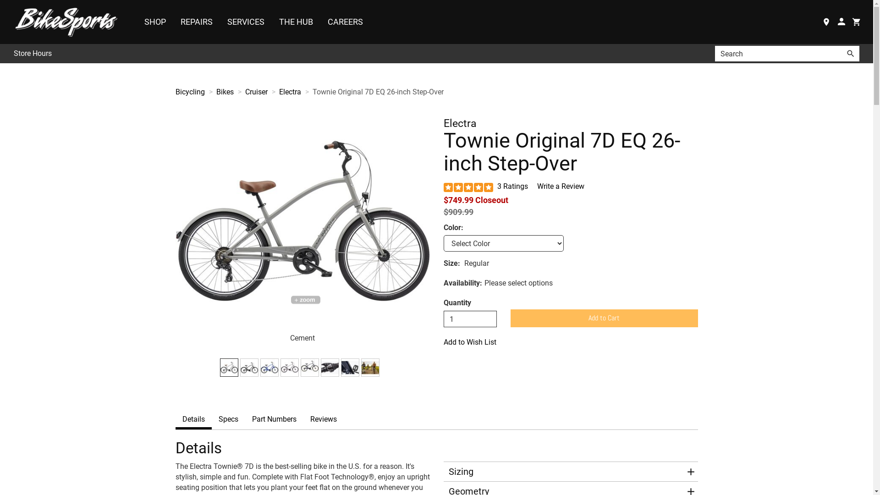 The width and height of the screenshot is (880, 495). Describe the element at coordinates (834, 21) in the screenshot. I see `'Account'` at that location.